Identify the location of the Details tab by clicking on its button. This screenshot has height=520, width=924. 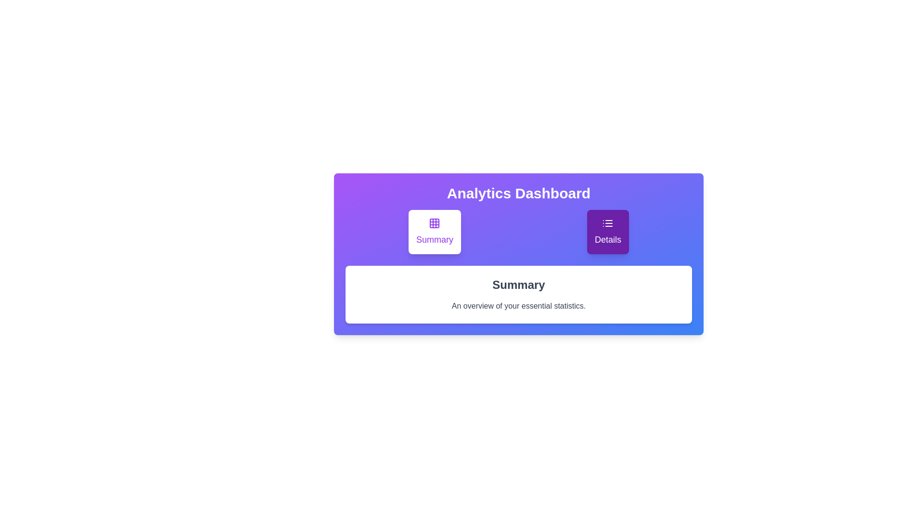
(607, 232).